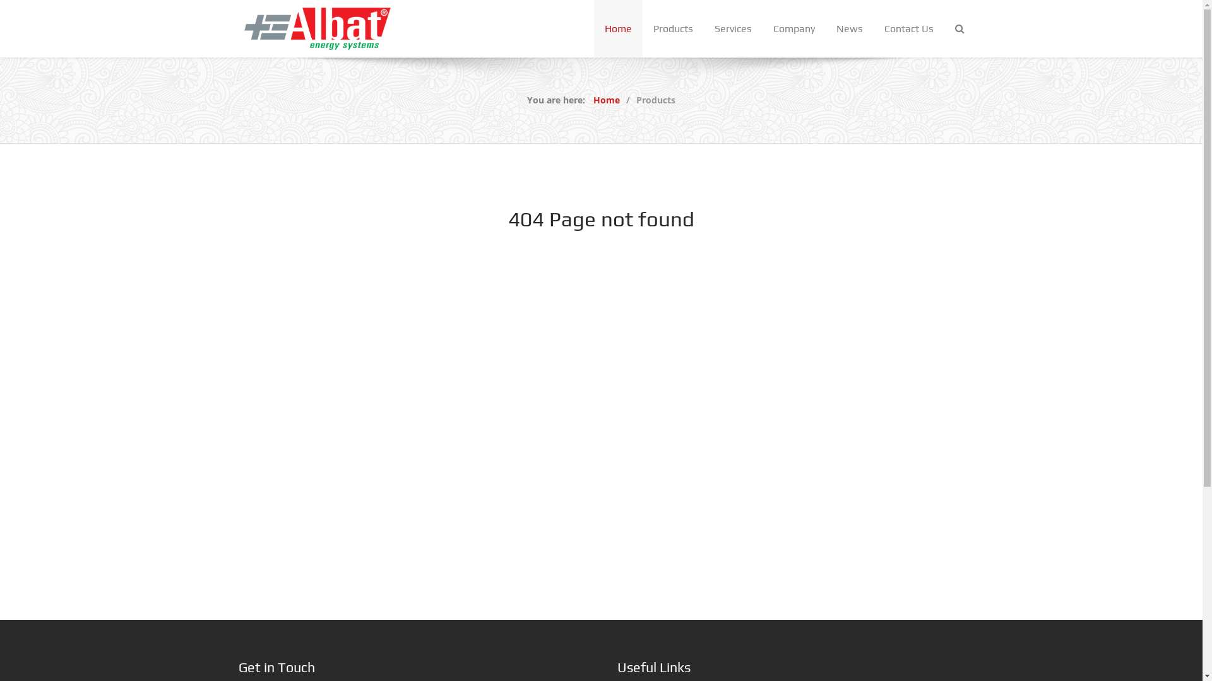  I want to click on 'Company', so click(762, 28).